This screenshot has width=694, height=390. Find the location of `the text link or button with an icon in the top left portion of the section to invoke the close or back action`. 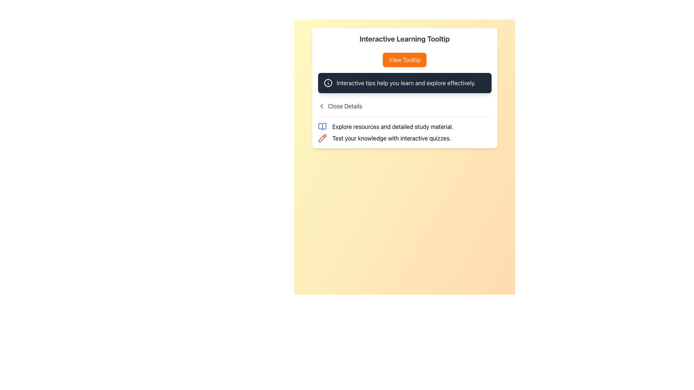

the text link or button with an icon in the top left portion of the section to invoke the close or back action is located at coordinates (339, 106).